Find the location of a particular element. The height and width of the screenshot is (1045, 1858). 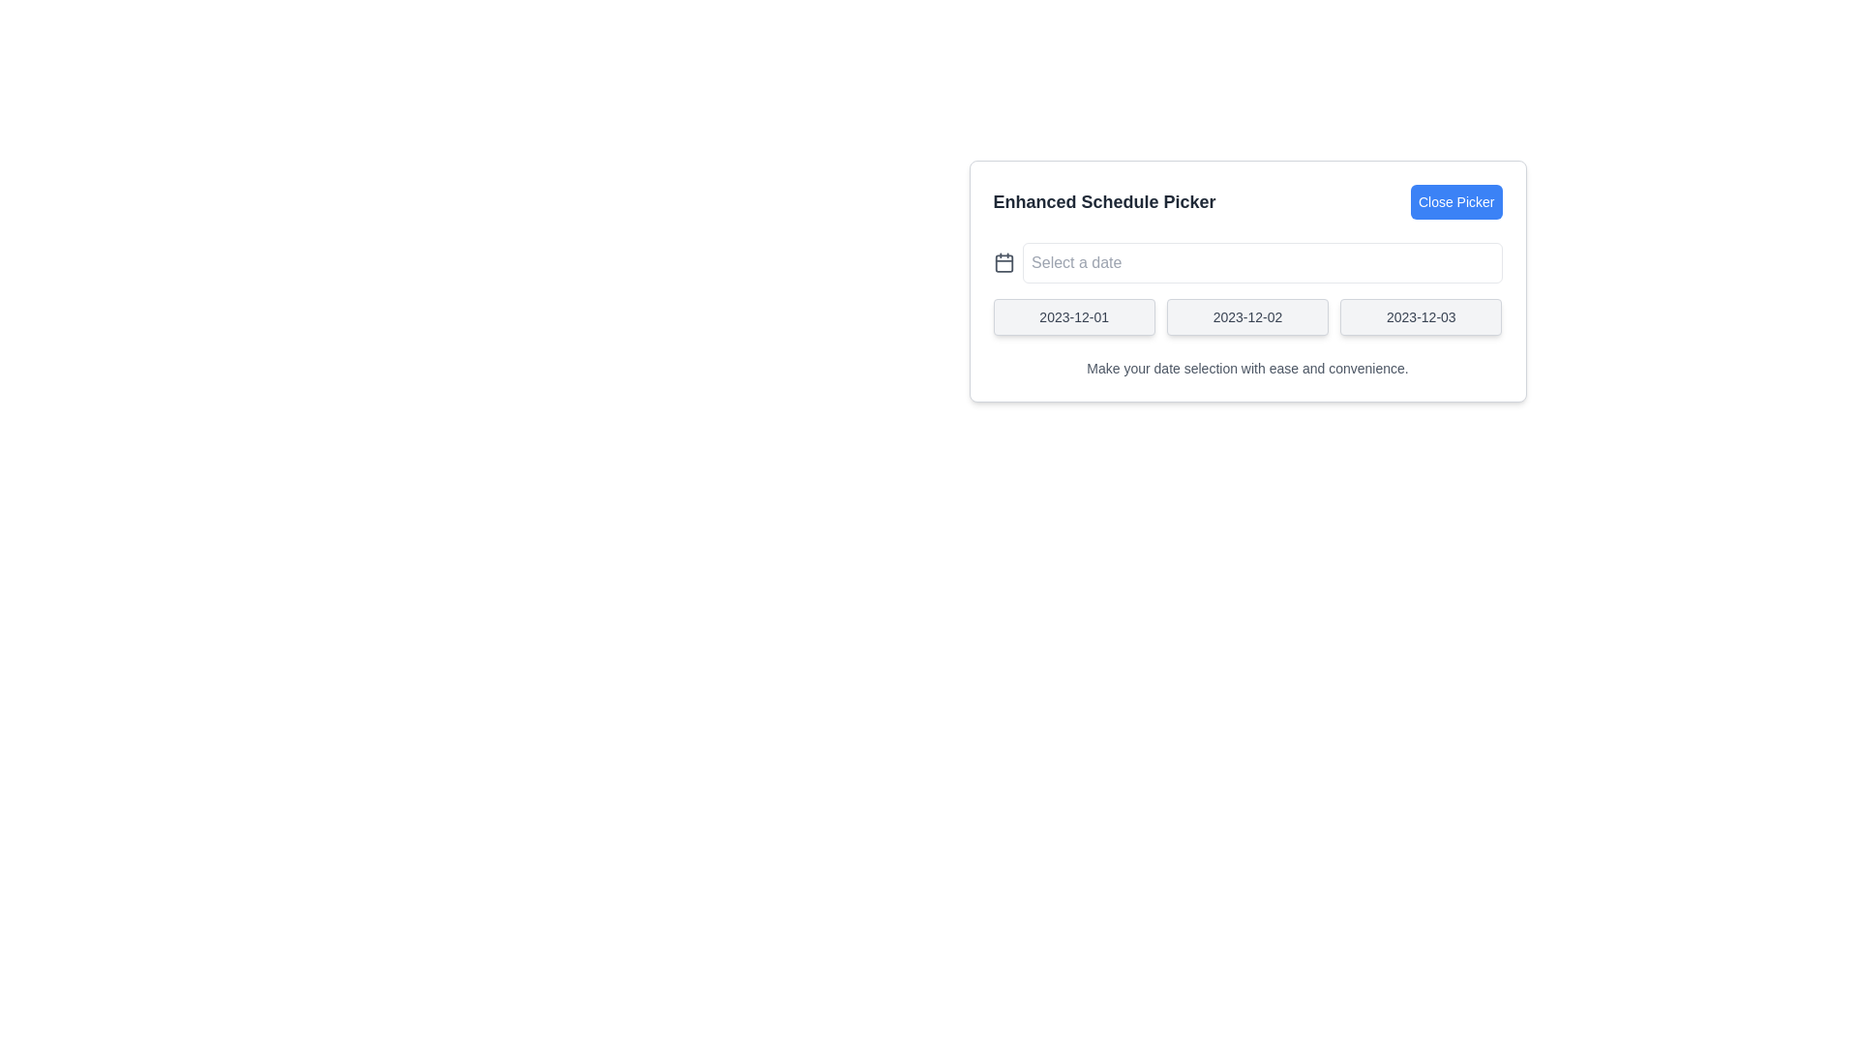

the calendar icon located to the immediate left of the 'Select a date' input field in the 'Enhanced Schedule Picker' modal is located at coordinates (1004, 263).